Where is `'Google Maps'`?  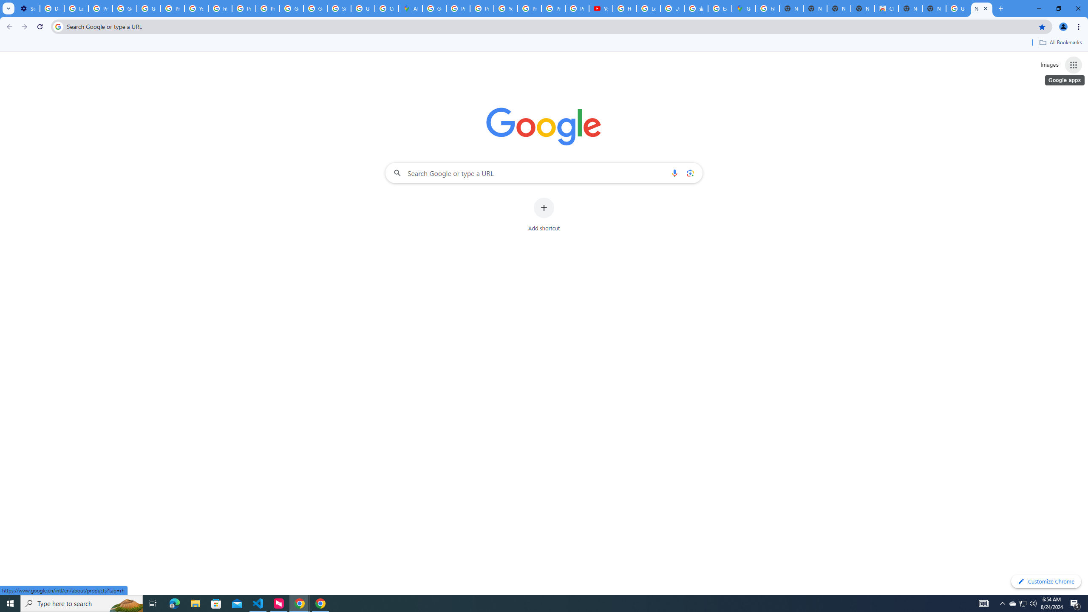
'Google Maps' is located at coordinates (743, 8).